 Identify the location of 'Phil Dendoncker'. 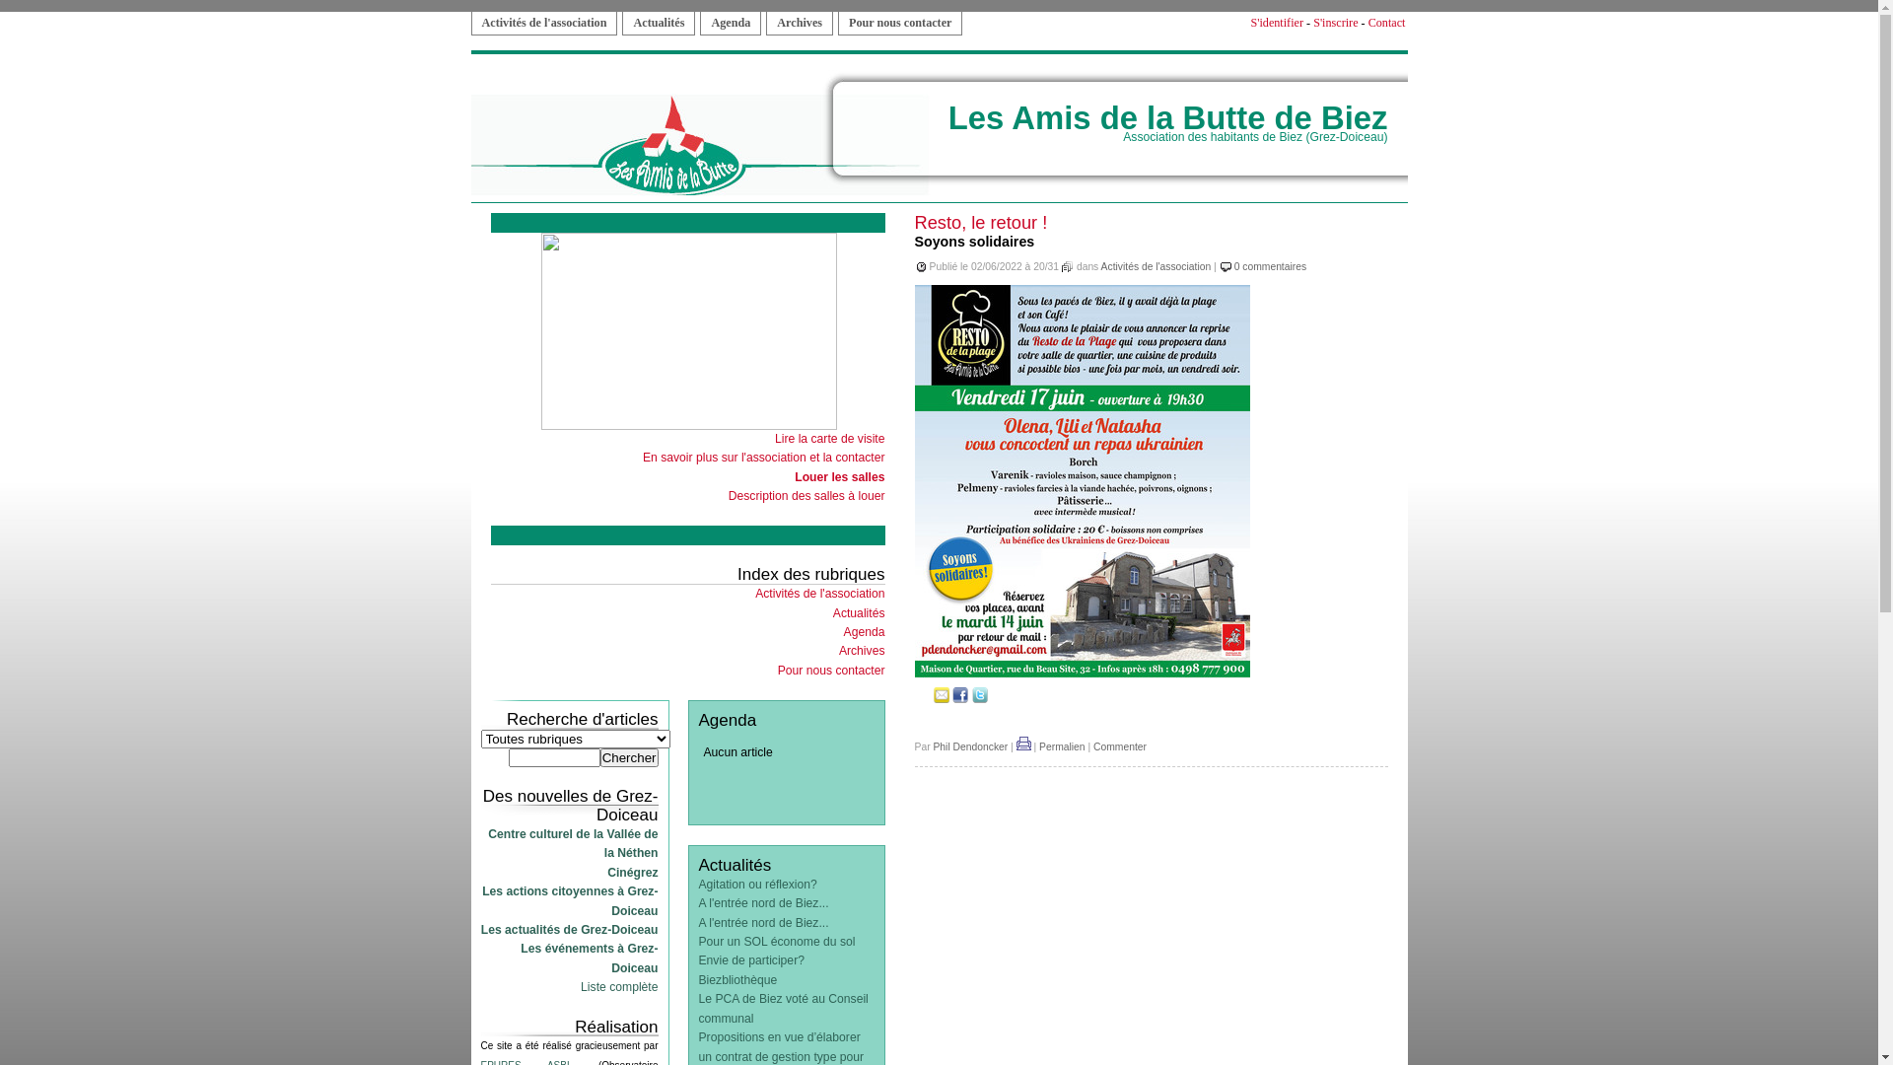
(969, 746).